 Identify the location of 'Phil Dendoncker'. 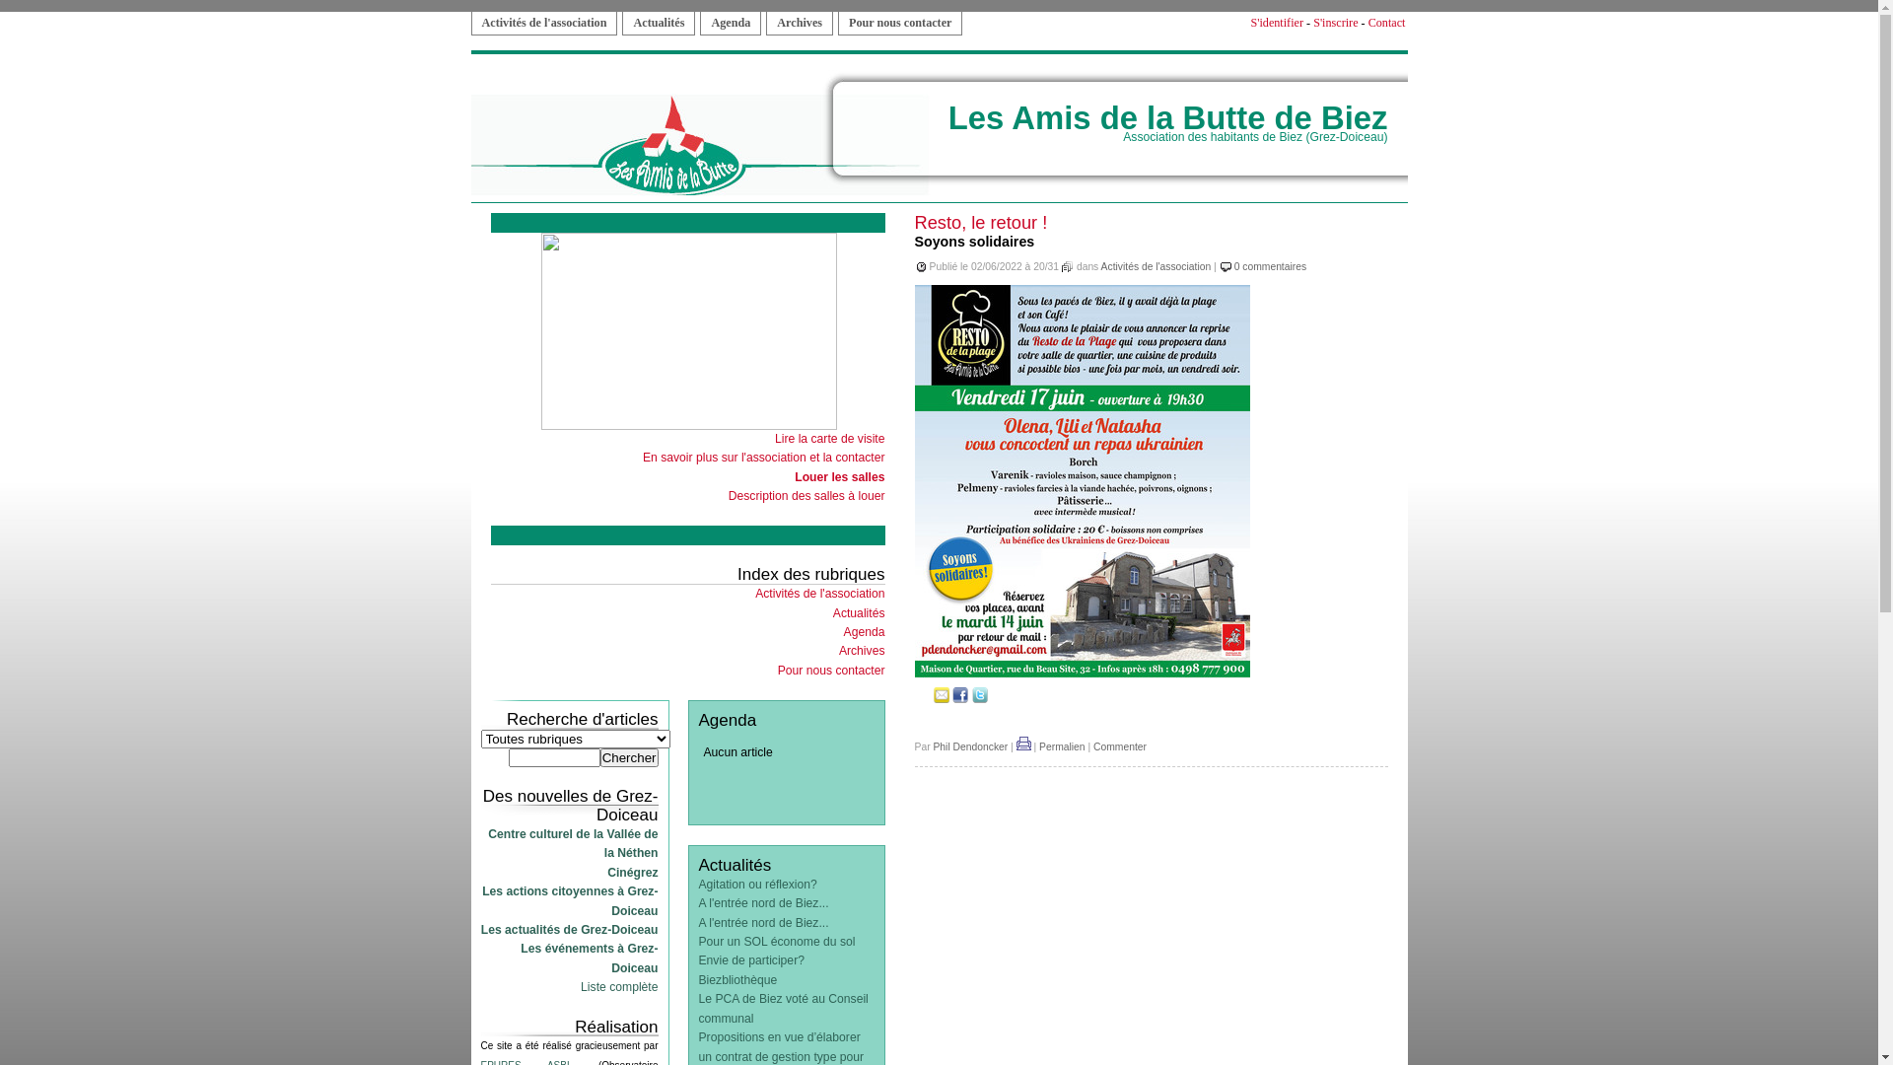
(969, 746).